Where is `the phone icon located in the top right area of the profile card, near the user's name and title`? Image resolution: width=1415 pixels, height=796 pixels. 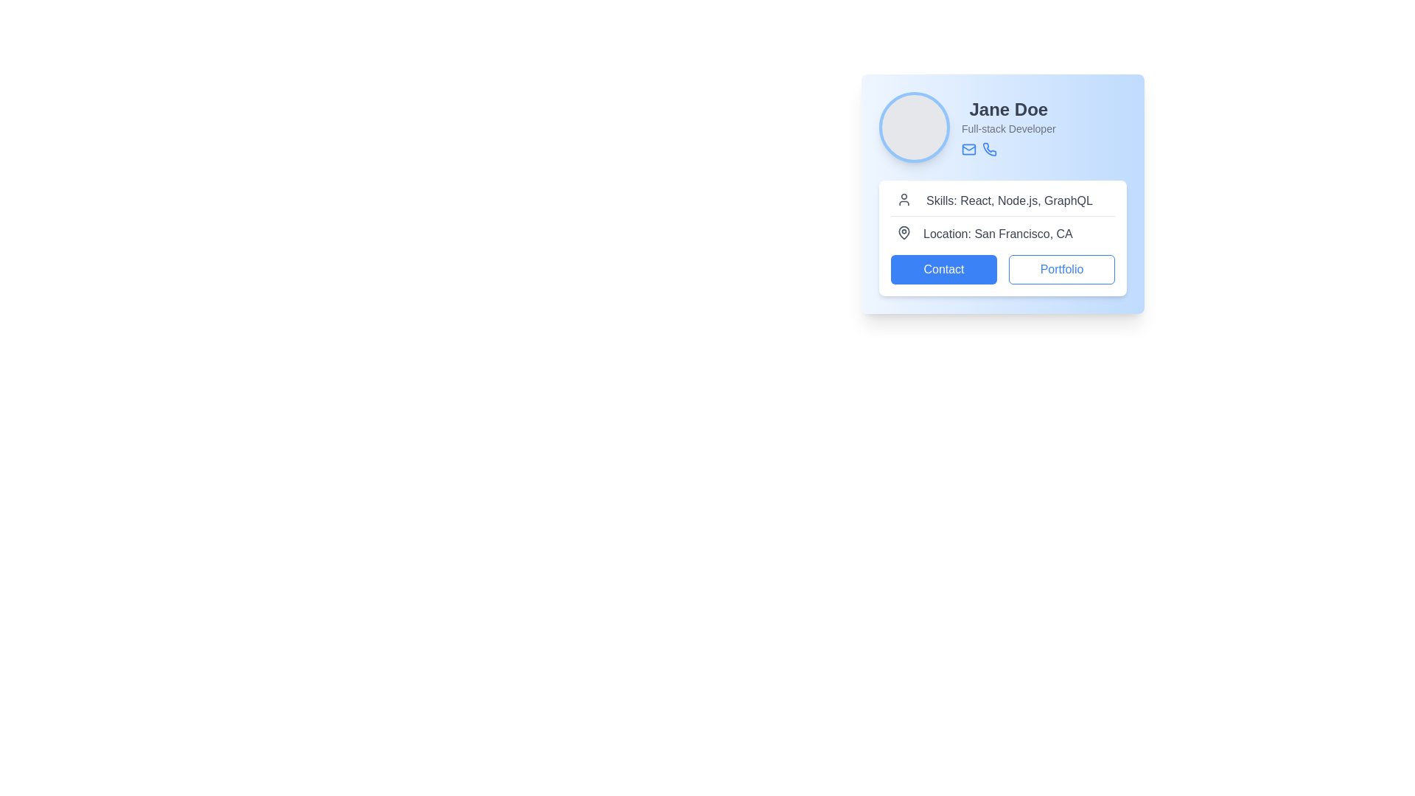 the phone icon located in the top right area of the profile card, near the user's name and title is located at coordinates (990, 149).